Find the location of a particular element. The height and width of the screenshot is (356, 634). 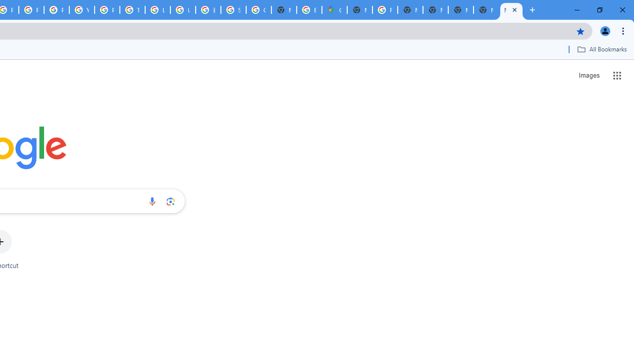

'New Tab' is located at coordinates (486, 10).